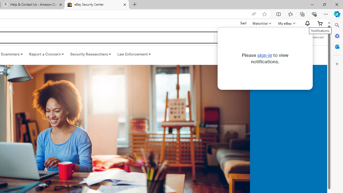 The image size is (343, 193). What do you see at coordinates (46, 54) in the screenshot?
I see `'Report a Concern '` at bounding box center [46, 54].